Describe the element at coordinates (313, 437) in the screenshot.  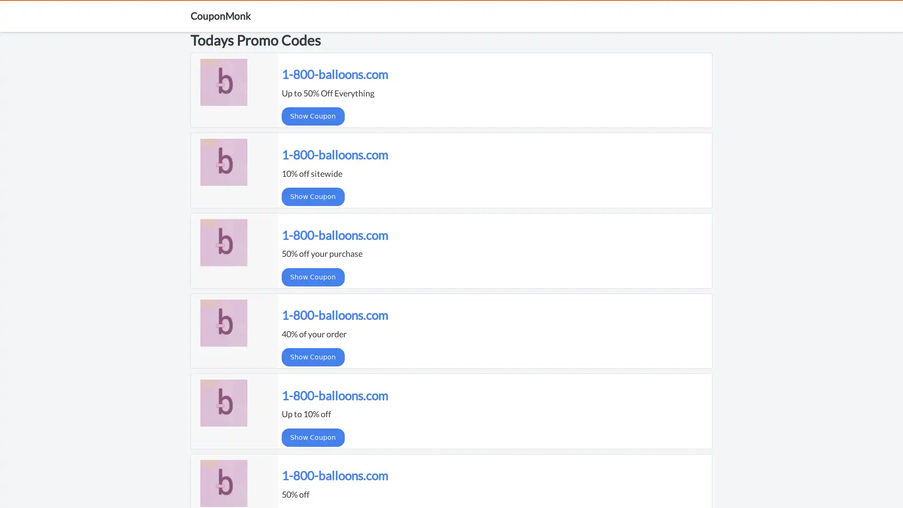
I see `Show Coupon` at that location.